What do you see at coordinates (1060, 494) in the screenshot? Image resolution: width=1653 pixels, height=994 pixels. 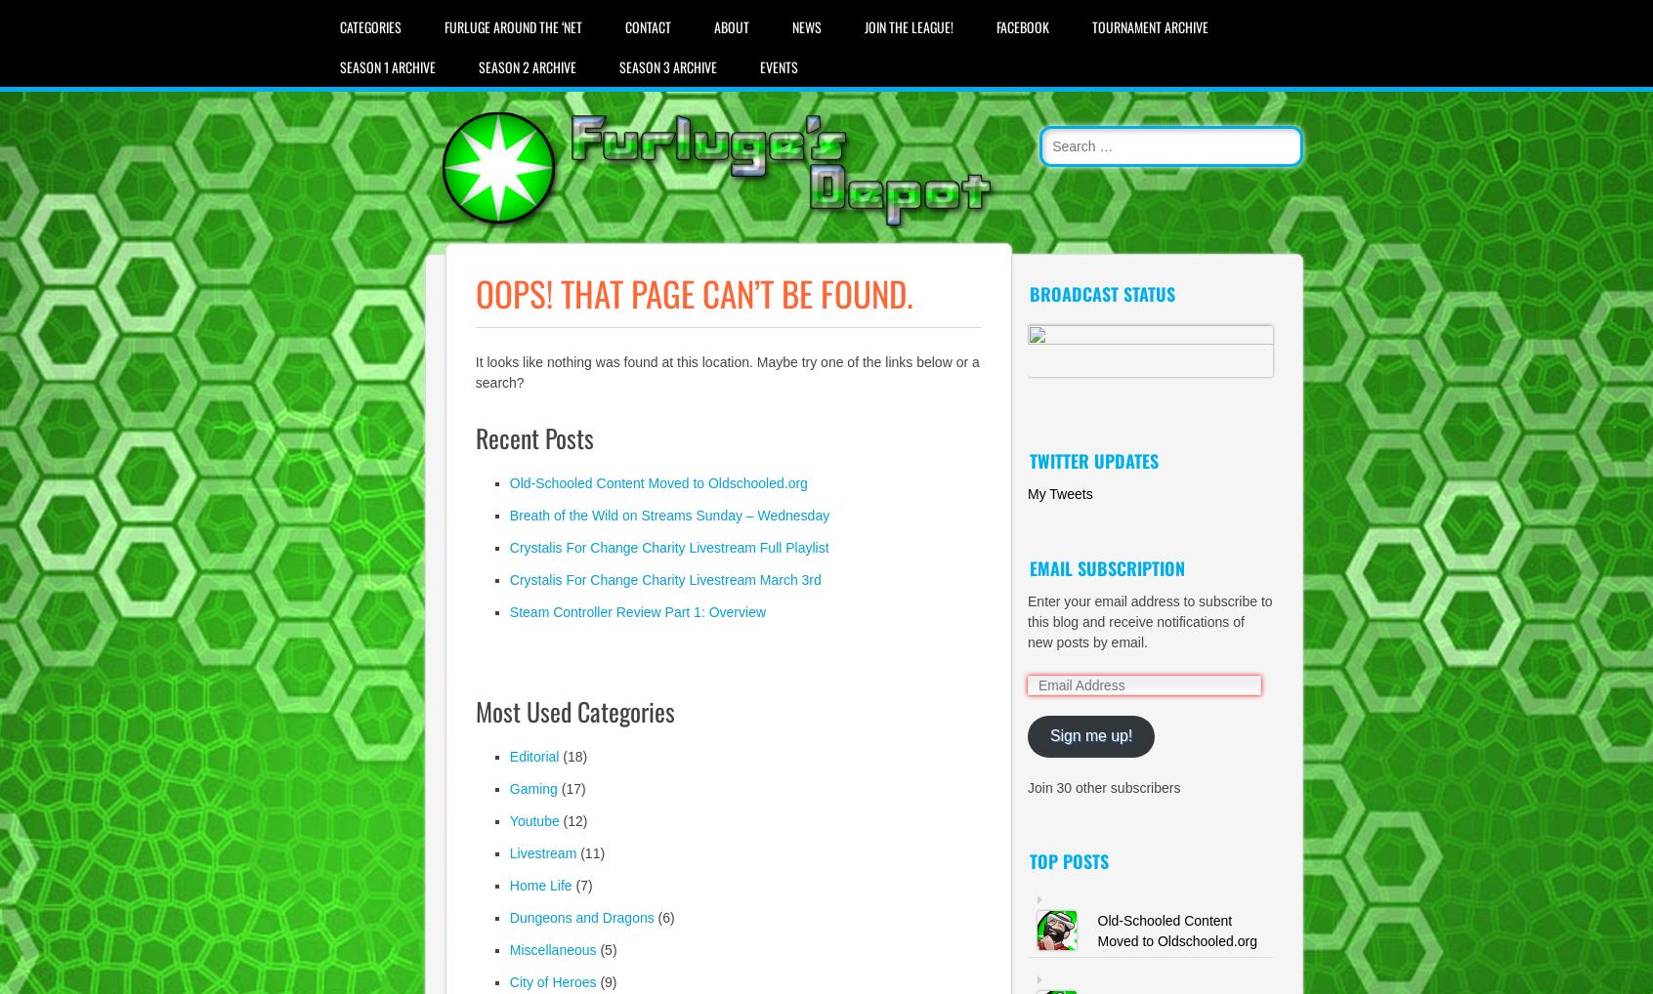 I see `'My Tweets'` at bounding box center [1060, 494].